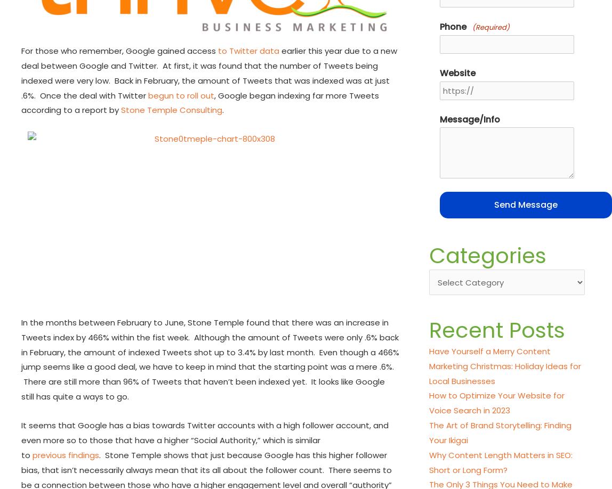  I want to click on 'Have Yourself a Merry Content Marketing Christmas: Holiday Ideas for Local Businesses', so click(504, 365).